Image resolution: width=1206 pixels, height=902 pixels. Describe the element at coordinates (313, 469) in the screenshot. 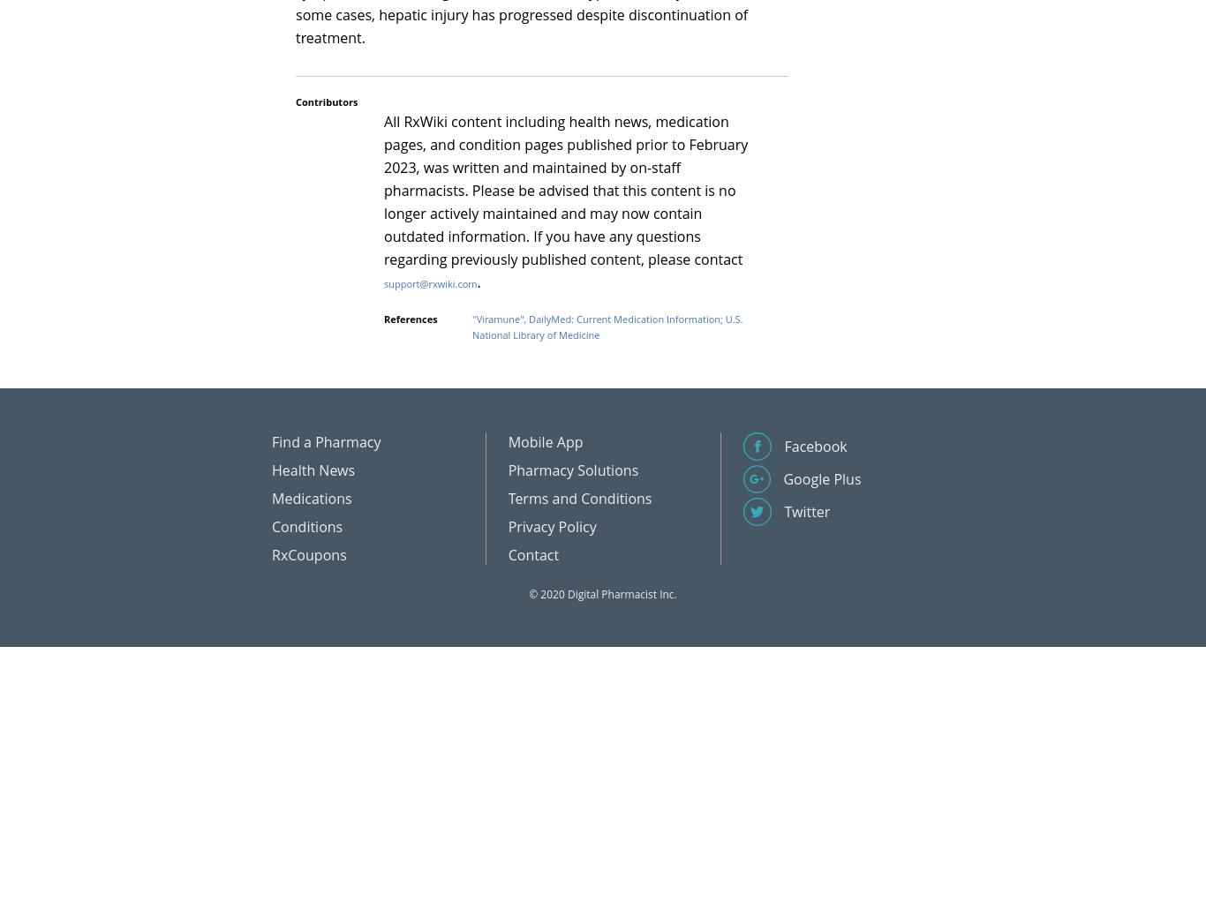

I see `'Health News'` at that location.